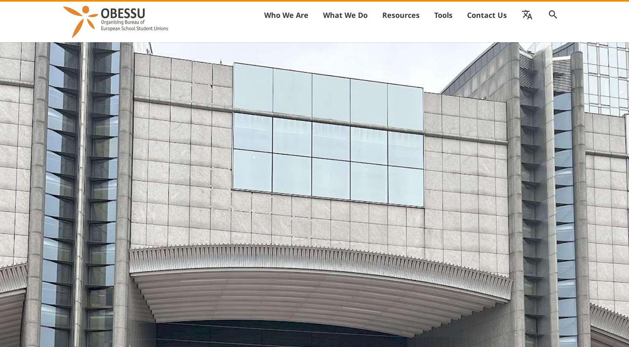  What do you see at coordinates (420, 33) in the screenshot?
I see `'Networks and Partnerships'` at bounding box center [420, 33].